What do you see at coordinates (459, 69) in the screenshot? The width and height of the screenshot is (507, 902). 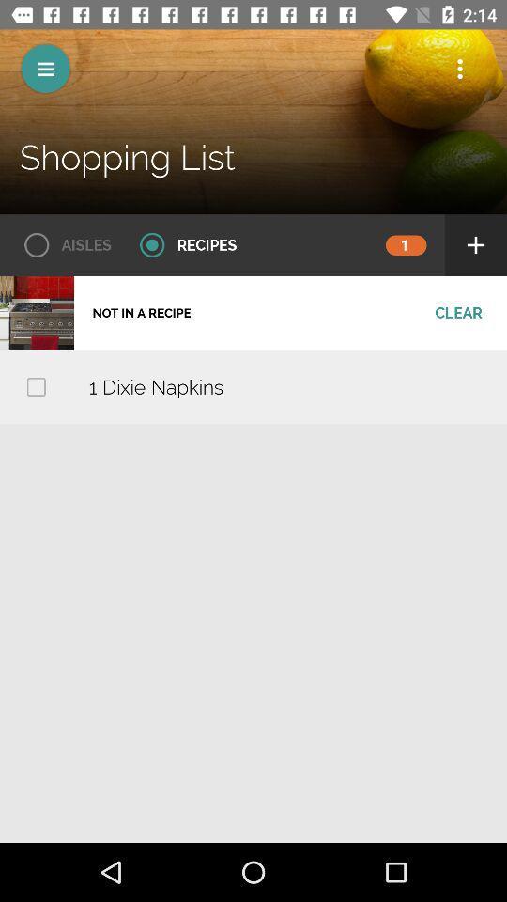 I see `more options` at bounding box center [459, 69].